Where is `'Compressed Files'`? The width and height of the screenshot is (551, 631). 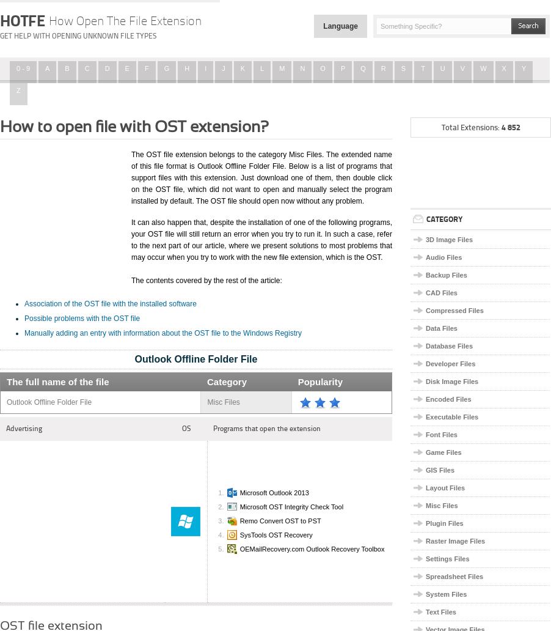 'Compressed Files' is located at coordinates (454, 309).